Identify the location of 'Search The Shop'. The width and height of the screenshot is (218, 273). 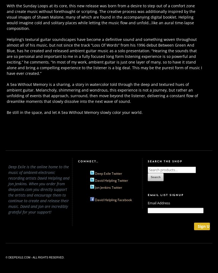
(165, 162).